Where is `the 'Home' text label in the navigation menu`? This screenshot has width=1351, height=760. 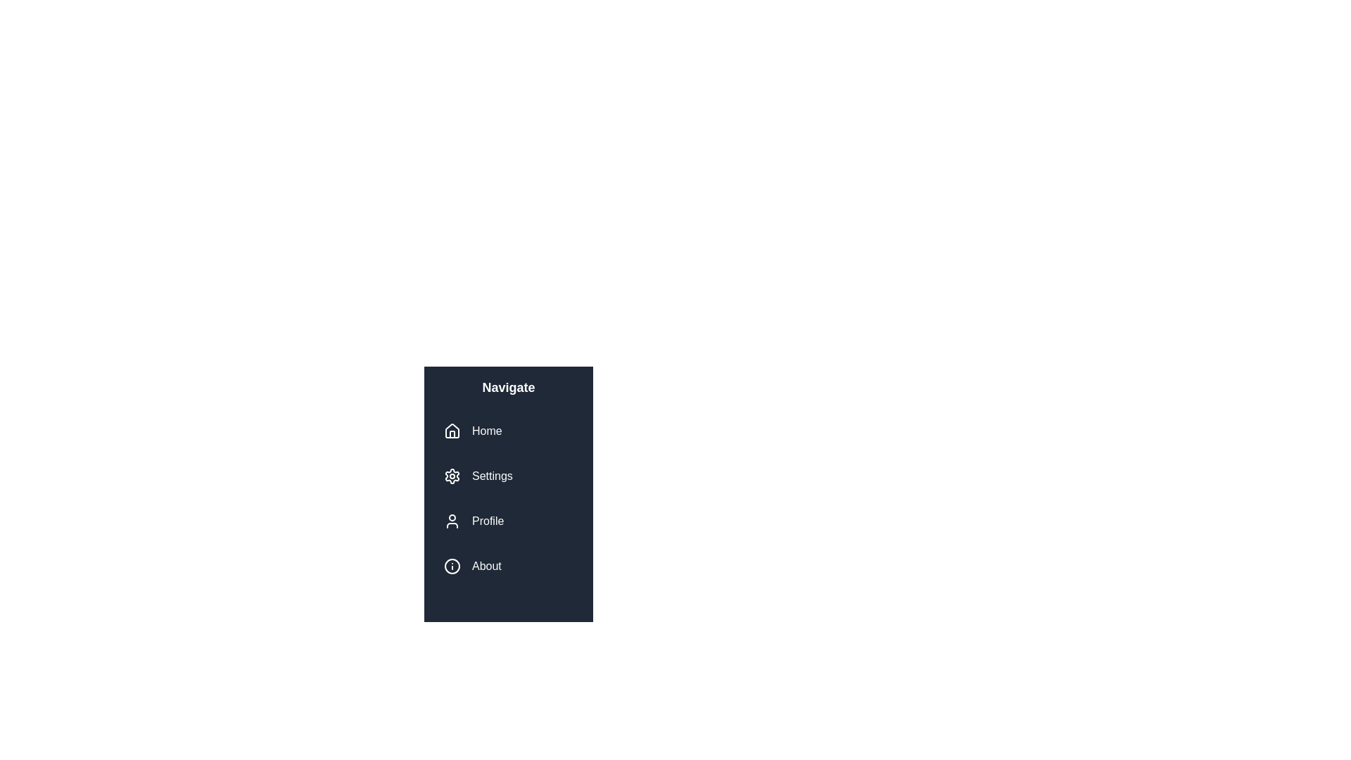
the 'Home' text label in the navigation menu is located at coordinates (487, 431).